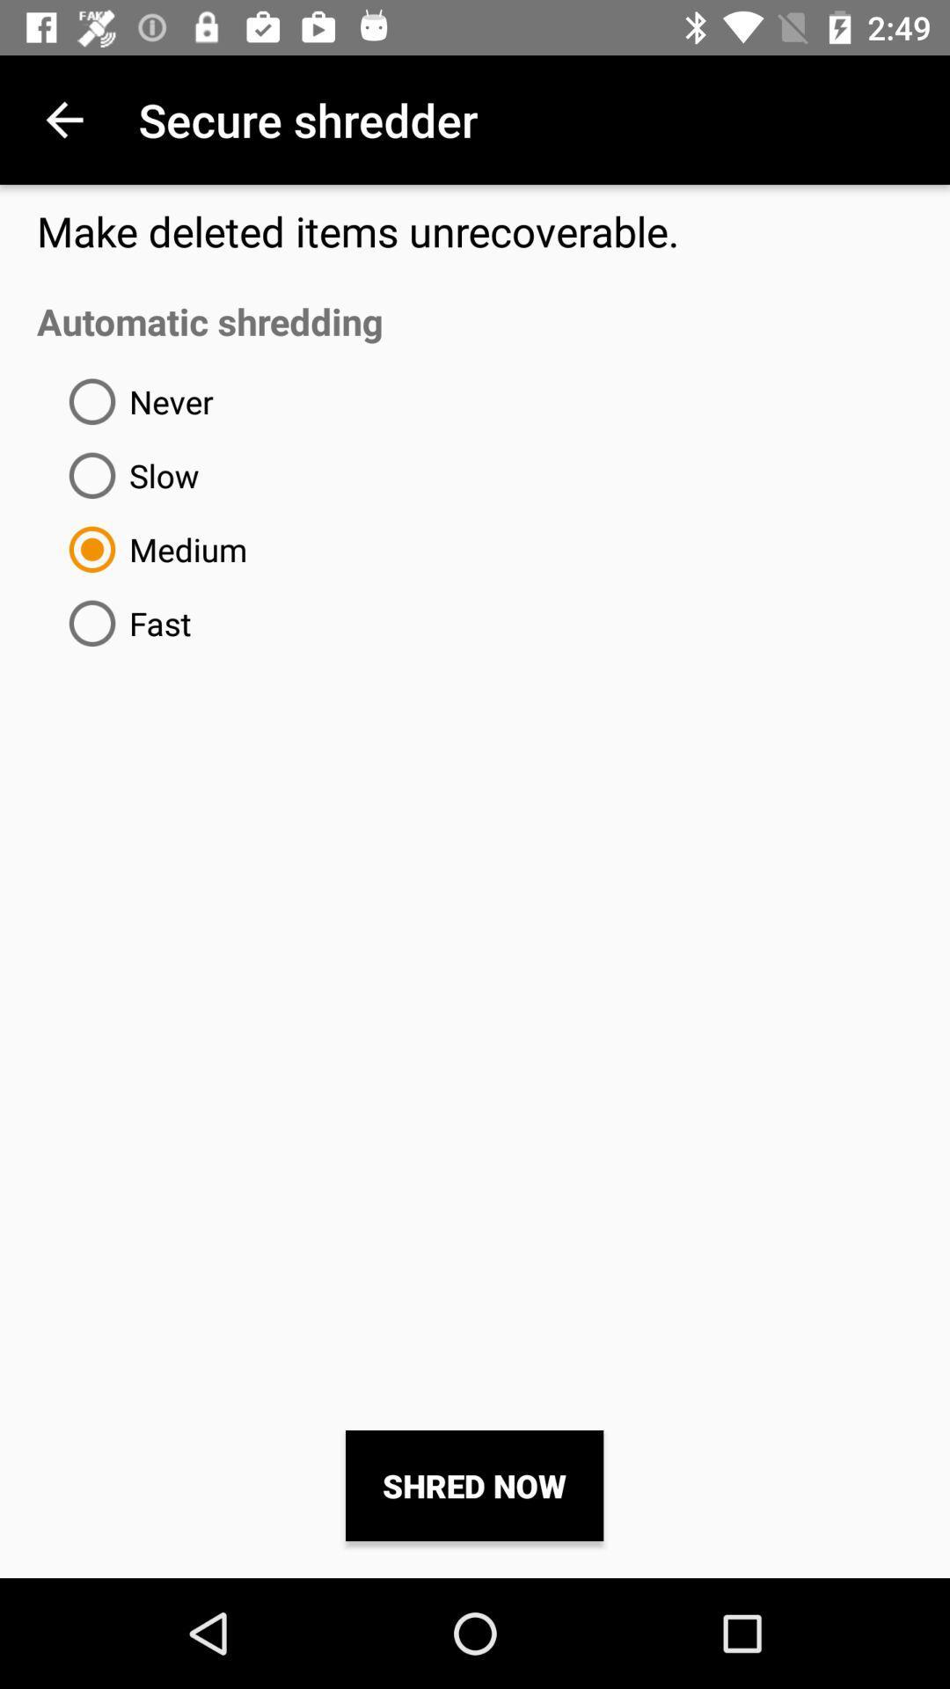  I want to click on the item below the automatic shredding item, so click(134, 400).